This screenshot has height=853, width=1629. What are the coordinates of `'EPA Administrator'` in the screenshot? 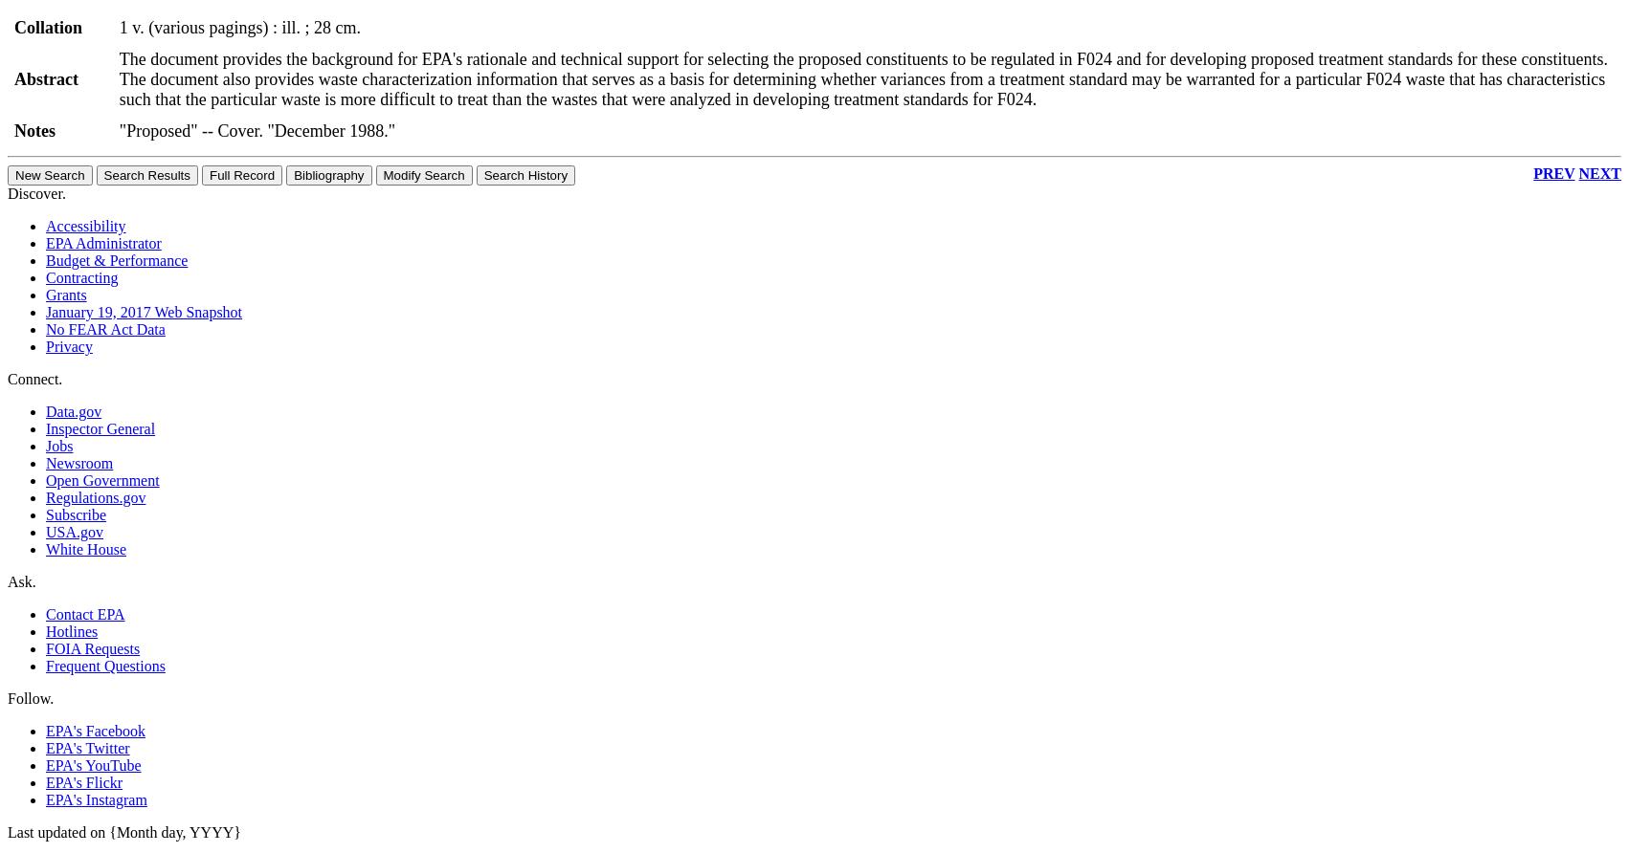 It's located at (103, 242).